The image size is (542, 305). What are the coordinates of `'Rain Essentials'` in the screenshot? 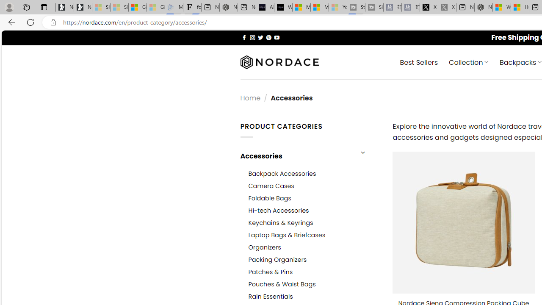 It's located at (270, 296).